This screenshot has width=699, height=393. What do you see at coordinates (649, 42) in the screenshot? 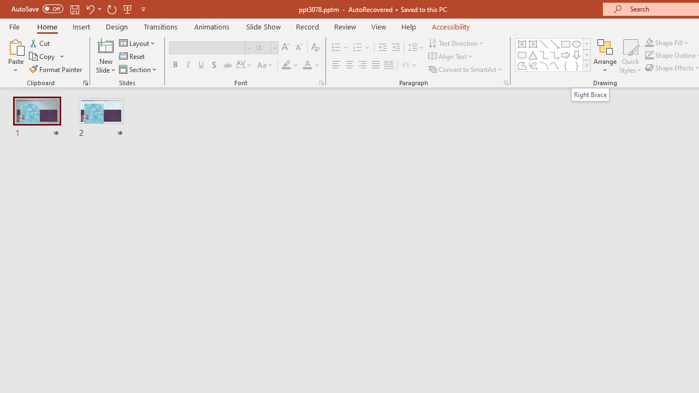
I see `'Shape Fill Dark Green, Accent 2'` at bounding box center [649, 42].